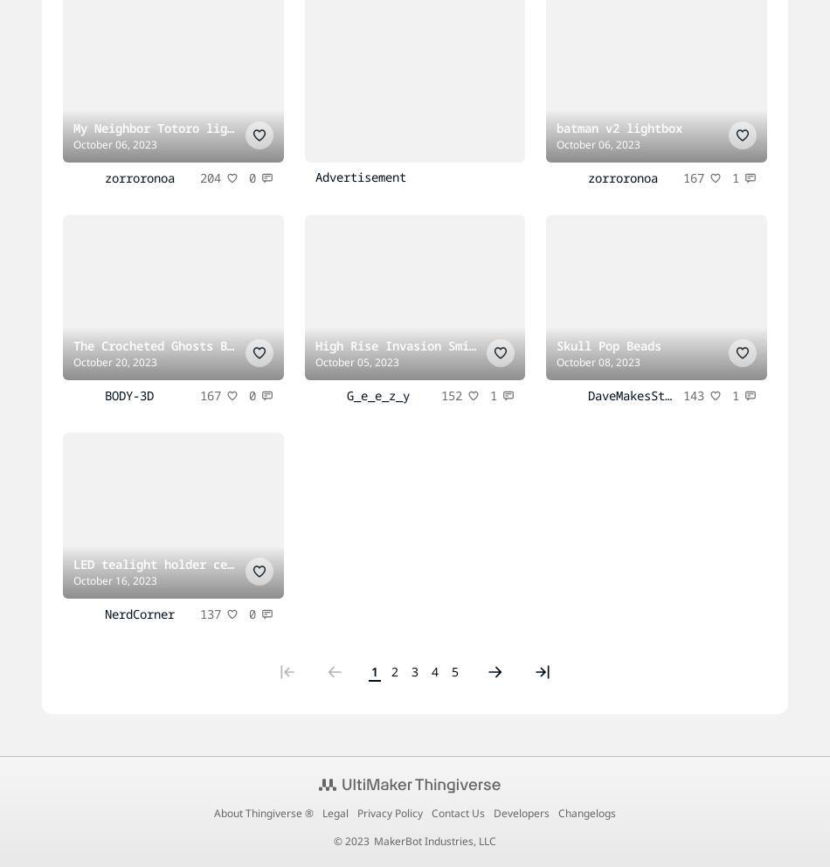 This screenshot has width=830, height=867. What do you see at coordinates (557, 811) in the screenshot?
I see `'Changelogs'` at bounding box center [557, 811].